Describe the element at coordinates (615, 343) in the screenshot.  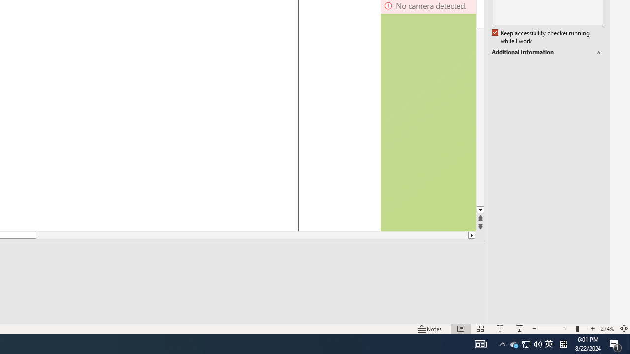
I see `'Action Center, 1 new notification'` at that location.